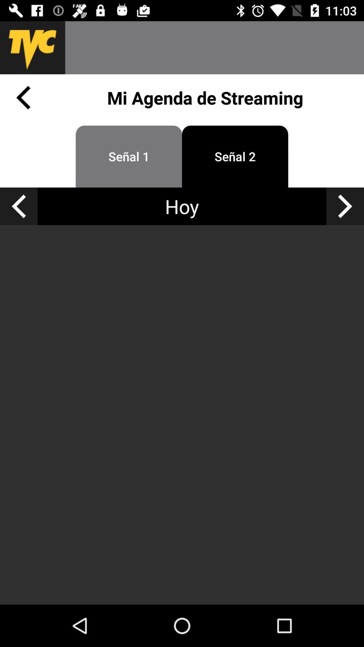 The image size is (364, 647). I want to click on the app above mi agenda de item, so click(214, 47).